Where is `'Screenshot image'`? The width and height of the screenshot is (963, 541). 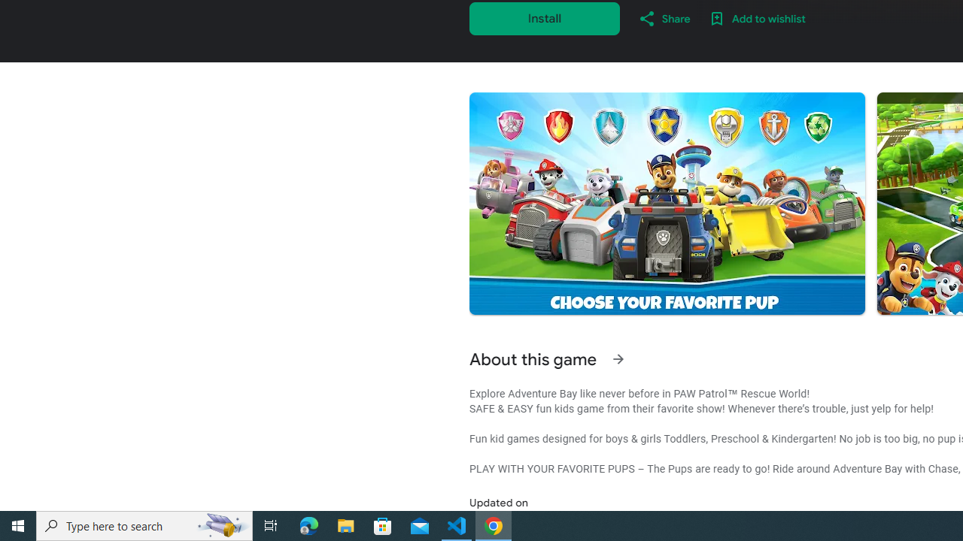 'Screenshot image' is located at coordinates (666, 204).